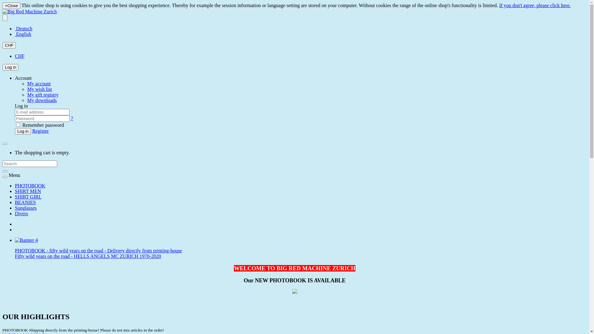 This screenshot has height=334, width=594. Describe the element at coordinates (32, 131) in the screenshot. I see `'Register'` at that location.